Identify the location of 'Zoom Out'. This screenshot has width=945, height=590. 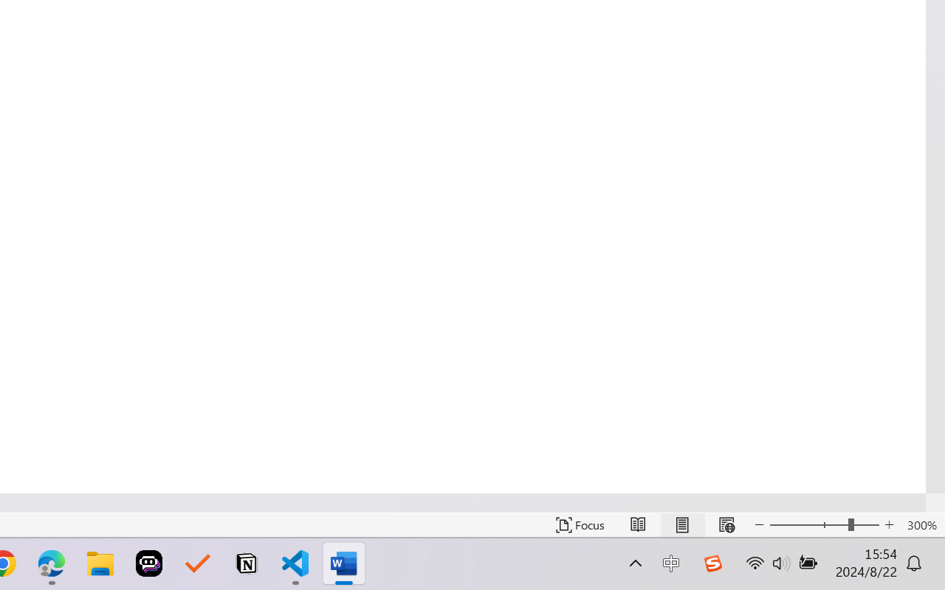
(808, 524).